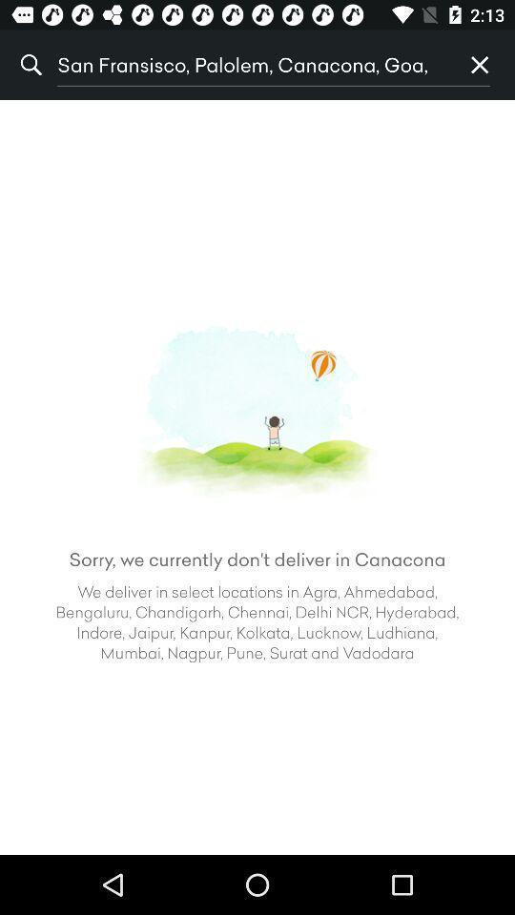 The height and width of the screenshot is (915, 515). I want to click on icon to the right of the san fransisco palolem icon, so click(479, 65).